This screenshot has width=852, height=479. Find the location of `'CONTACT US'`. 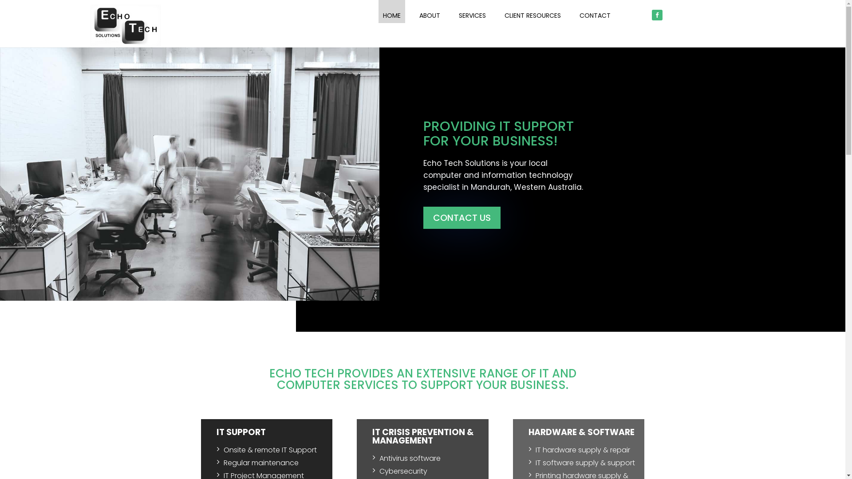

'CONTACT US' is located at coordinates (423, 217).